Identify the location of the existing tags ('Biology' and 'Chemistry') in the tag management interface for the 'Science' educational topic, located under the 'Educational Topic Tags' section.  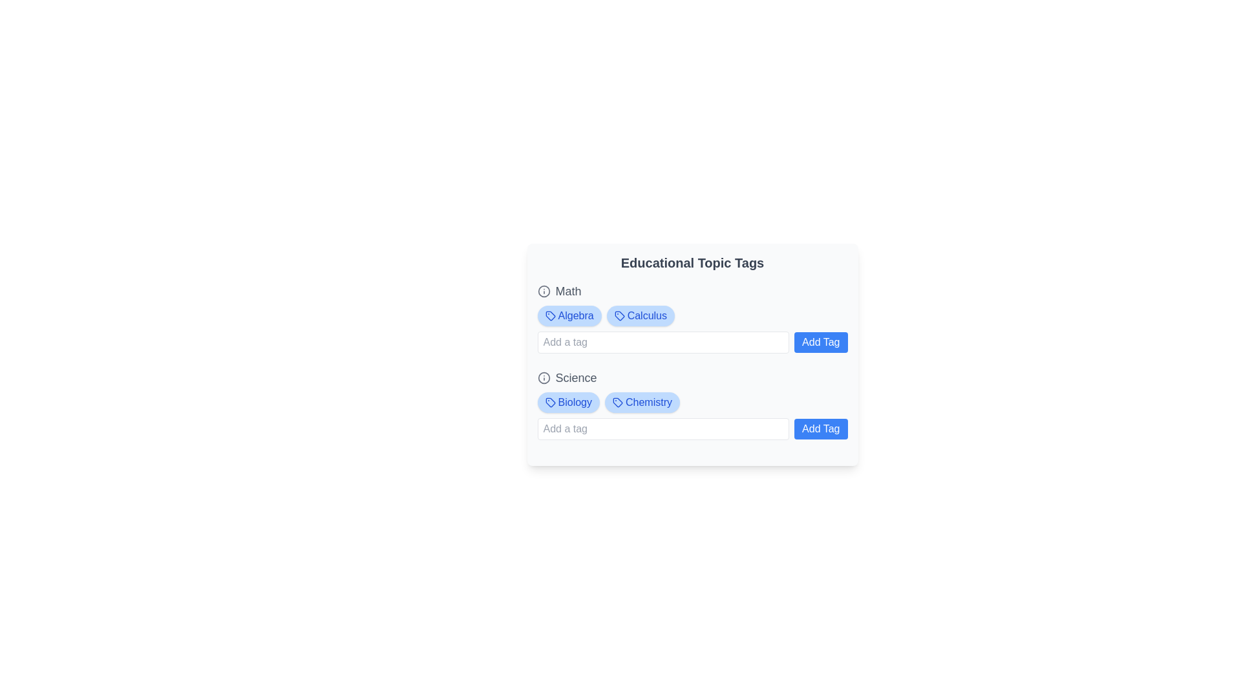
(692, 403).